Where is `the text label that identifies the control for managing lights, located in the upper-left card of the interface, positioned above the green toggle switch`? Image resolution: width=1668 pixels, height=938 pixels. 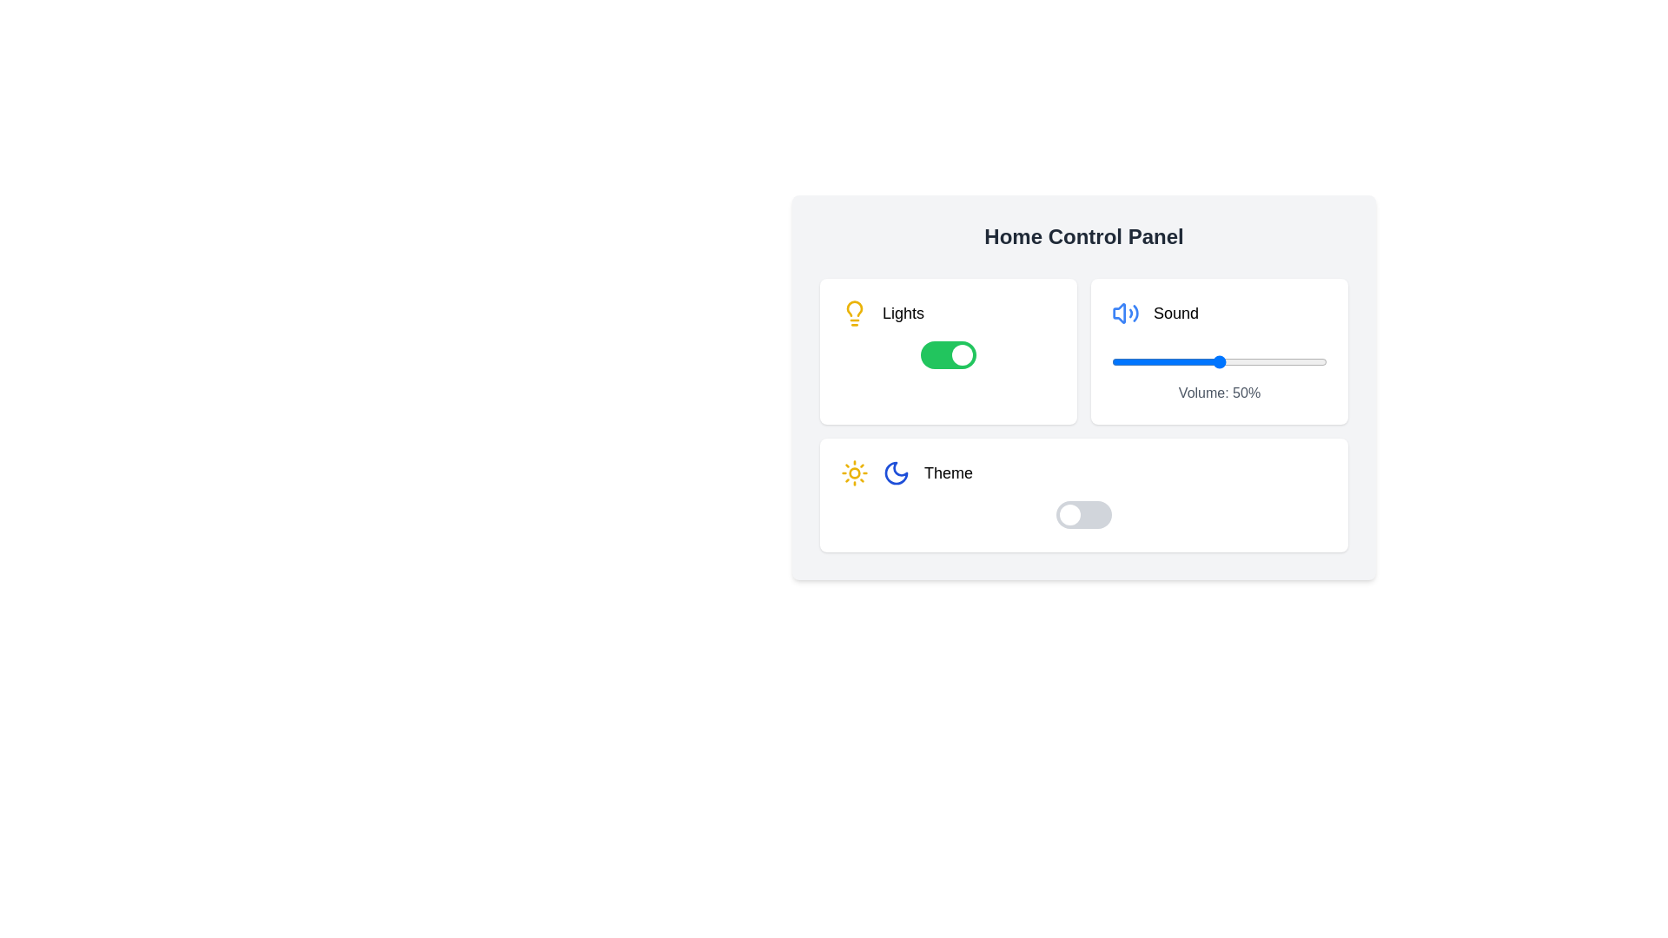
the text label that identifies the control for managing lights, located in the upper-left card of the interface, positioned above the green toggle switch is located at coordinates (903, 314).